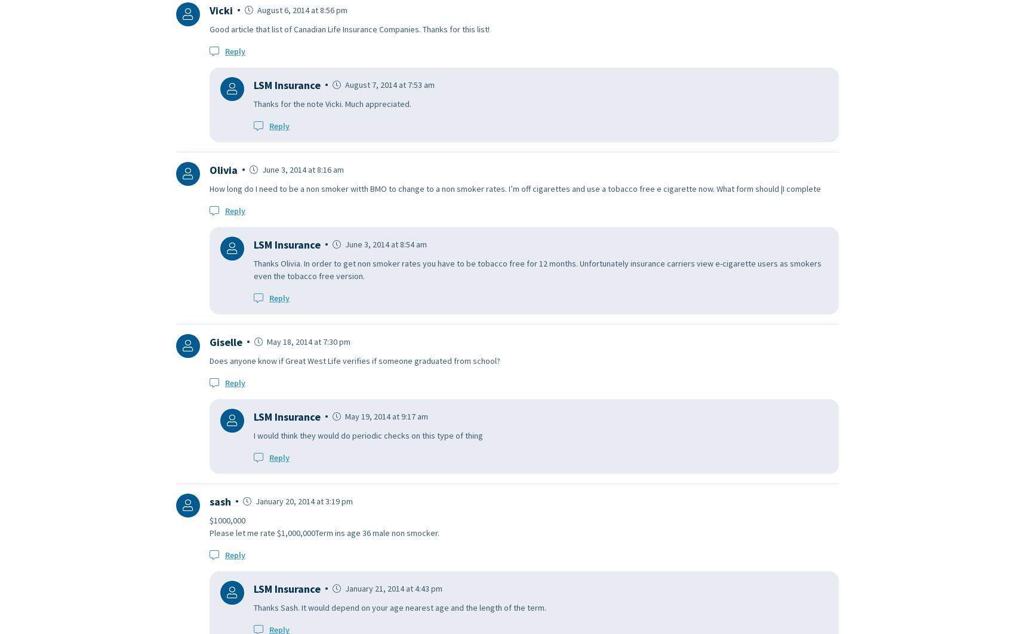  I want to click on 'Thanks Sash. It would depend on your age nearest age and the length of the term.', so click(399, 607).